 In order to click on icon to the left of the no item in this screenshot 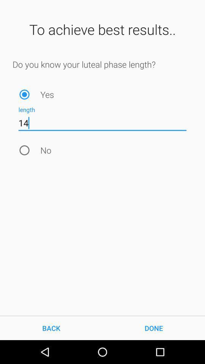, I will do `click(24, 150)`.